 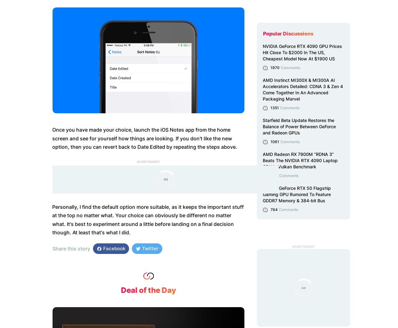 I want to click on 'NVIDIA GeForce RTX 4090 GPU Prices Hit Close To $2000 In The US, Cheapest Model Now At $1900 US', so click(x=302, y=52).